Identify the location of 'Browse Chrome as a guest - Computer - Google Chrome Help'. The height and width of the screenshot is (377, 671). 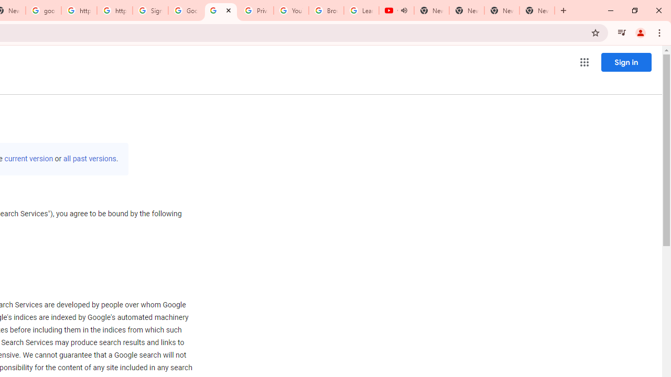
(326, 10).